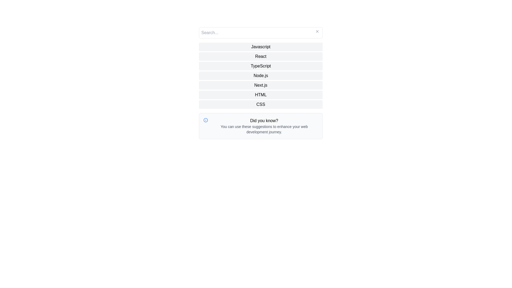  Describe the element at coordinates (261, 94) in the screenshot. I see `the sixth item in the vertical list, which is a selectable list item representing a tag or category selection` at that location.